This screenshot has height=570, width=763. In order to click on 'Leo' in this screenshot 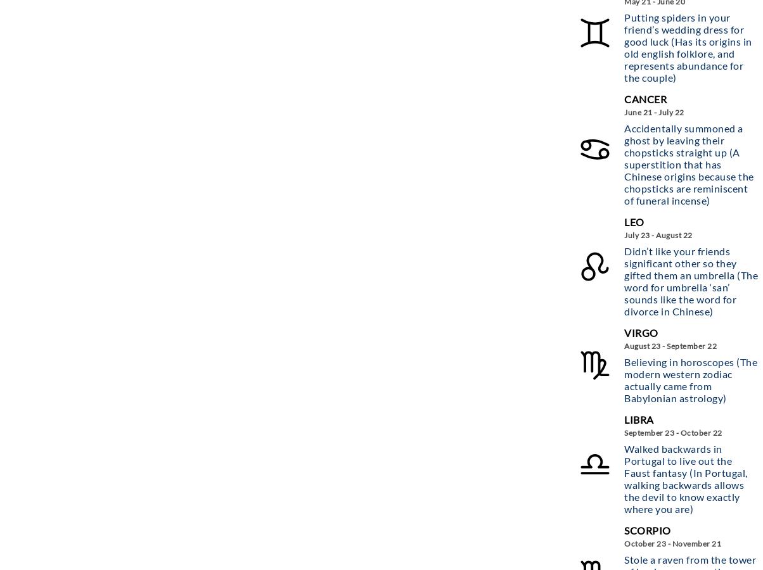, I will do `click(634, 221)`.